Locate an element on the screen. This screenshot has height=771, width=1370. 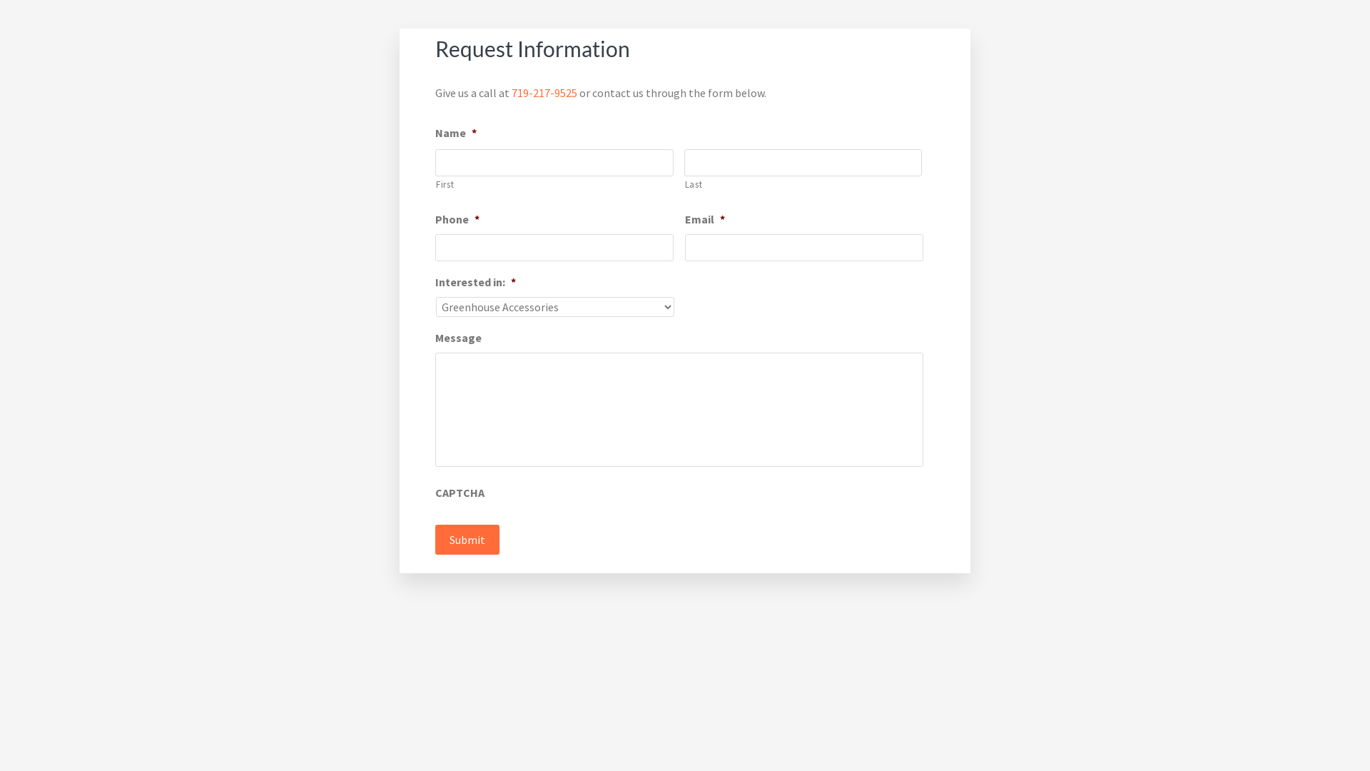
'Submit' is located at coordinates (434, 540).